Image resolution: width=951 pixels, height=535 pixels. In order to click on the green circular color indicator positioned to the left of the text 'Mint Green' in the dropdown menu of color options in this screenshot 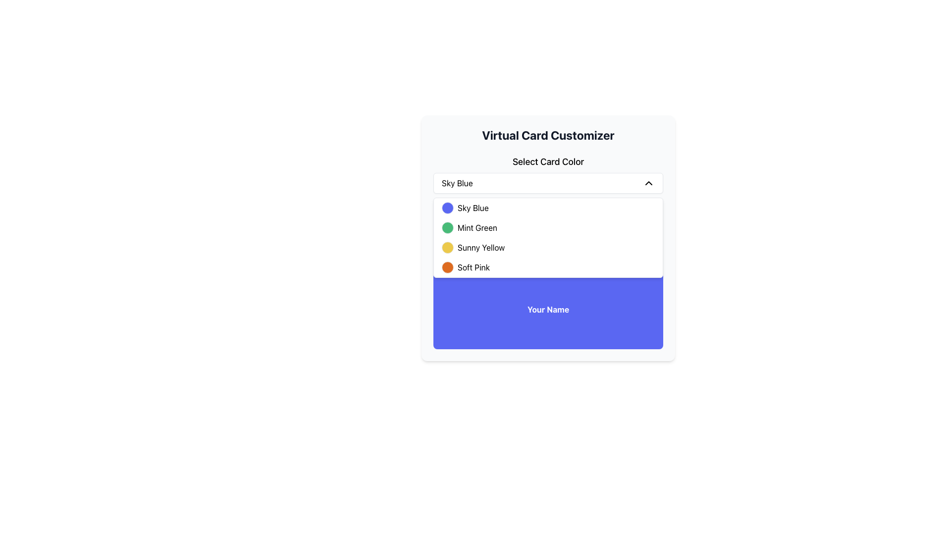, I will do `click(447, 227)`.